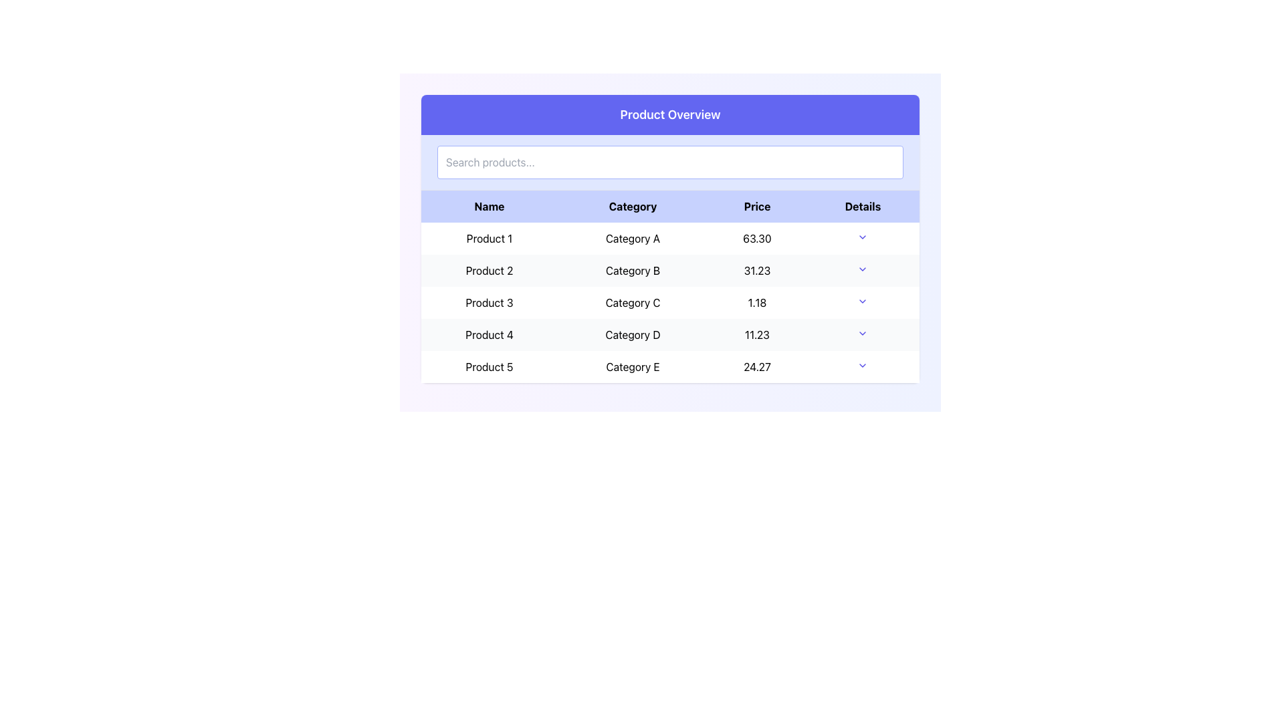 The height and width of the screenshot is (722, 1284). What do you see at coordinates (757, 334) in the screenshot?
I see `the text element displaying '11.23' in the 'Price' column for 'Product 4 Category D', which is styled in black font on a white background` at bounding box center [757, 334].